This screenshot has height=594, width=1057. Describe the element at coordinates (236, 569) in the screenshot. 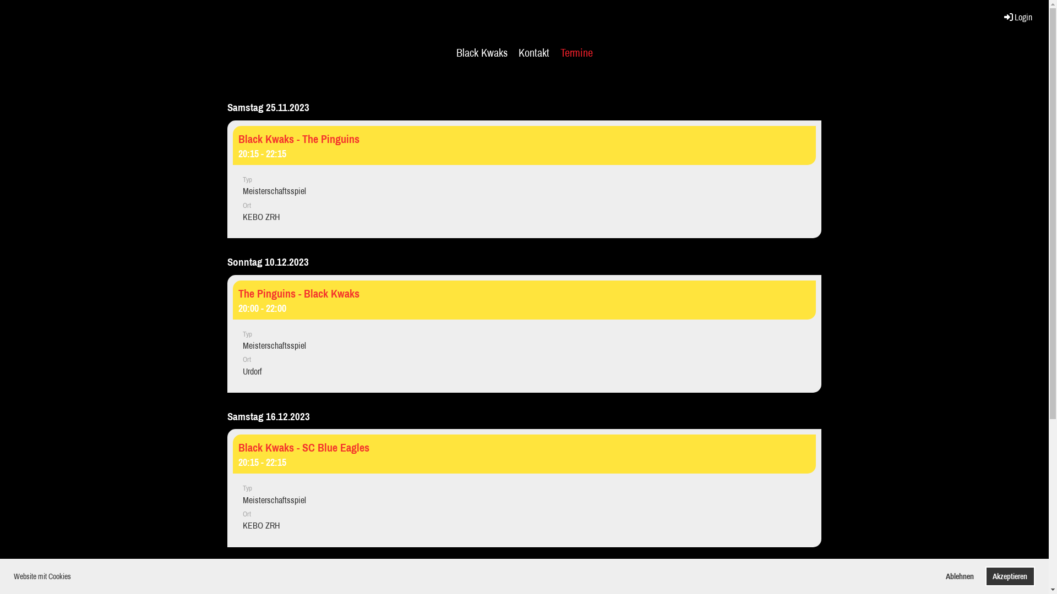

I see `'Termine abonnieren'` at that location.